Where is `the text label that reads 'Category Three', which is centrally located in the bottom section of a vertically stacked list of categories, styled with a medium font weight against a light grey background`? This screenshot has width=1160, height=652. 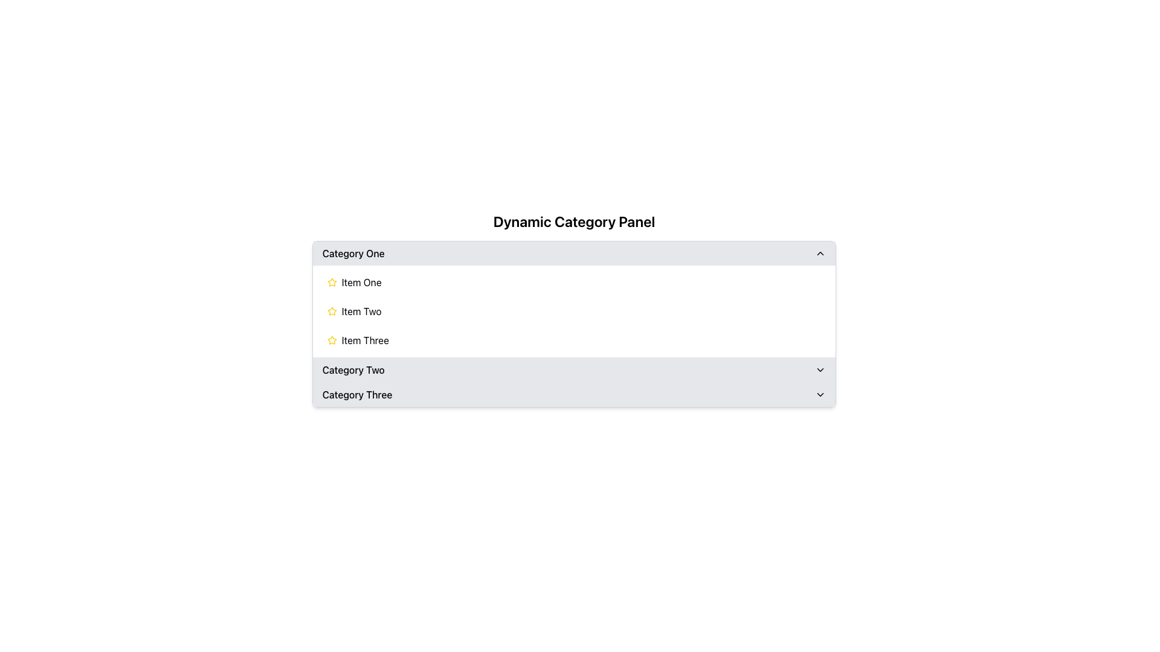 the text label that reads 'Category Three', which is centrally located in the bottom section of a vertically stacked list of categories, styled with a medium font weight against a light grey background is located at coordinates (356, 395).